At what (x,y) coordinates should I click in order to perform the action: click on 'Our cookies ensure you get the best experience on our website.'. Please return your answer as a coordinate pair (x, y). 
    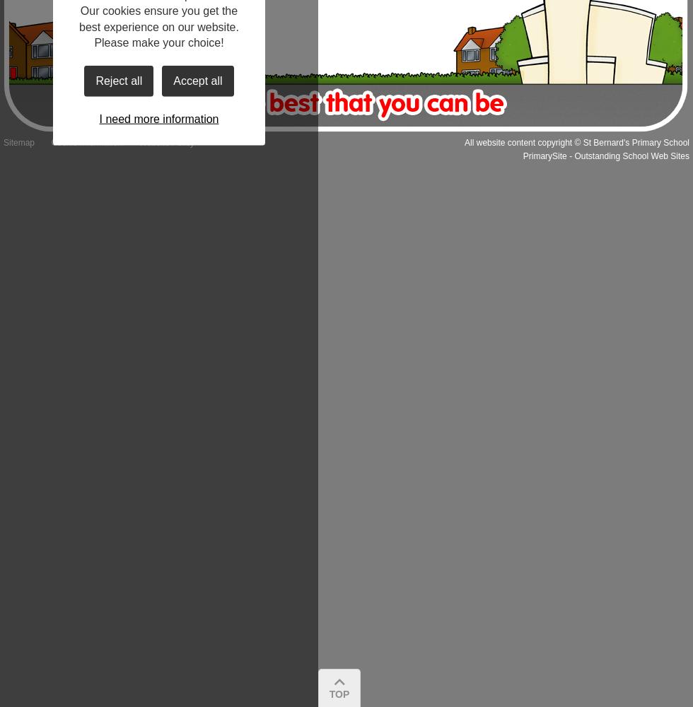
    Looking at the image, I should click on (158, 18).